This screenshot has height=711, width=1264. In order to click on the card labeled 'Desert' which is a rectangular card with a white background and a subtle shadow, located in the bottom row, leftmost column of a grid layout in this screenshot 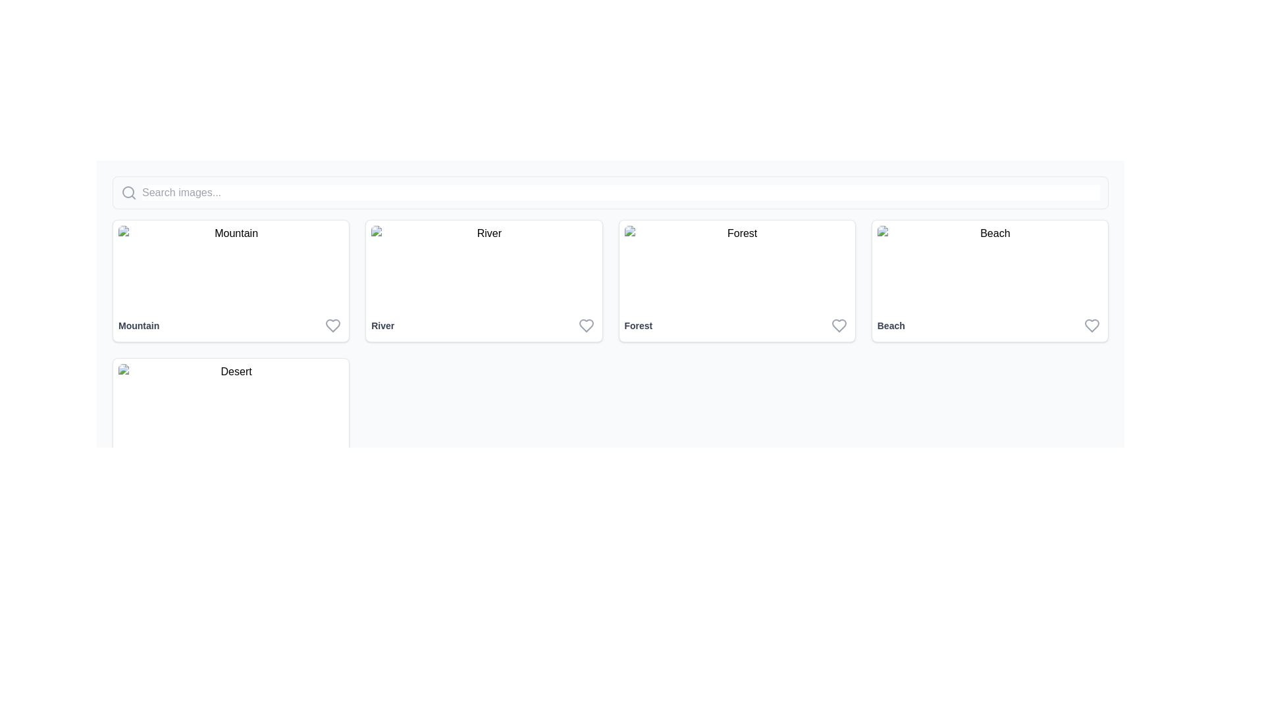, I will do `click(231, 419)`.